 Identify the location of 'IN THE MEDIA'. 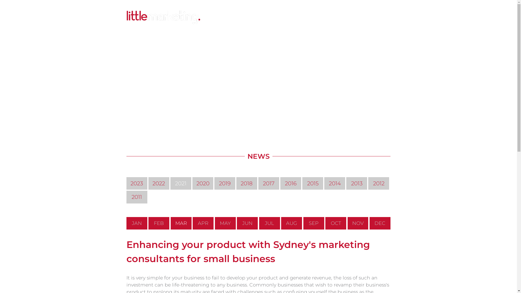
(240, 17).